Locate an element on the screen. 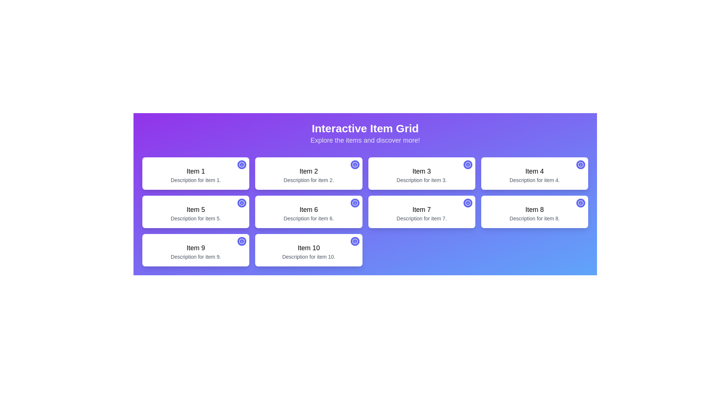  the Text Label displaying 'Item 7', which is styled with a larger bold font, centrally aligned within a white card with rounded corners and a shadow effect, located against a gradient purple background is located at coordinates (421, 210).